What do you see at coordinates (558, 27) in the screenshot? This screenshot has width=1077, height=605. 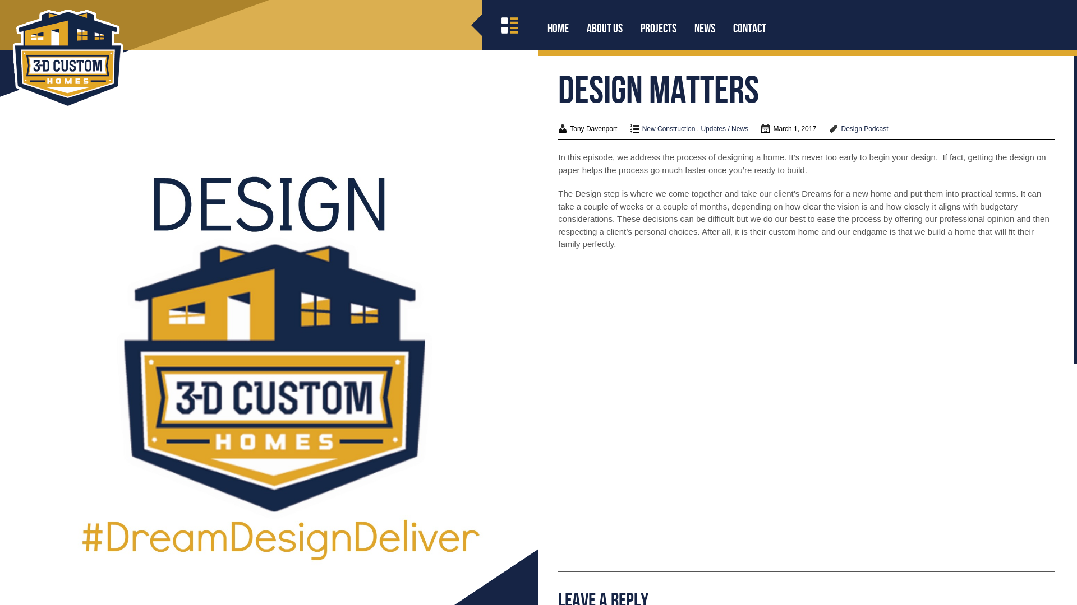 I see `'Home'` at bounding box center [558, 27].